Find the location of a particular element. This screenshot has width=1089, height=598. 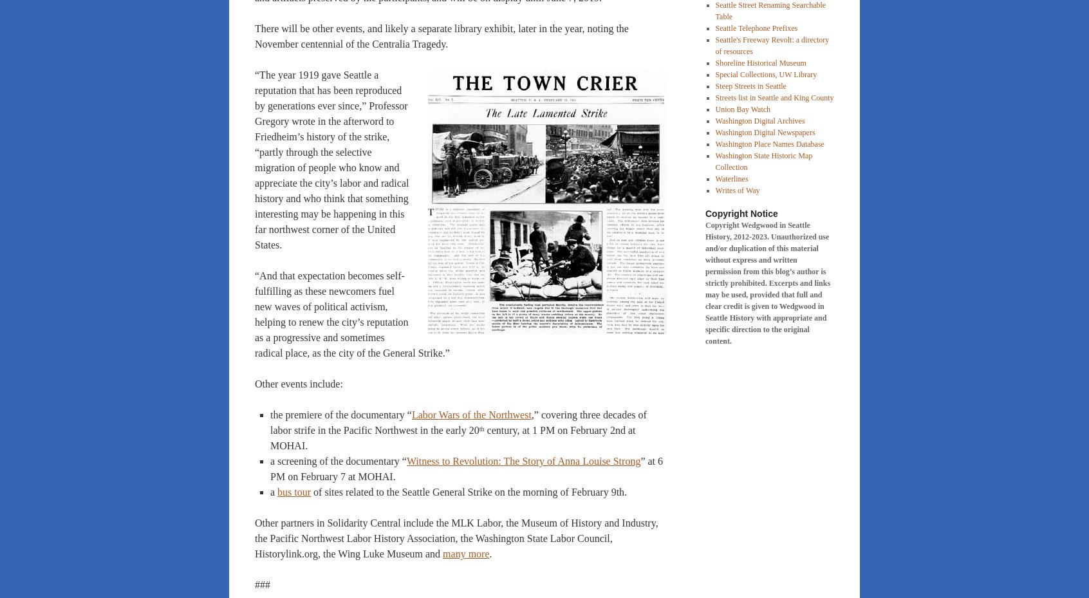

'Writes of Way' is located at coordinates (736, 190).